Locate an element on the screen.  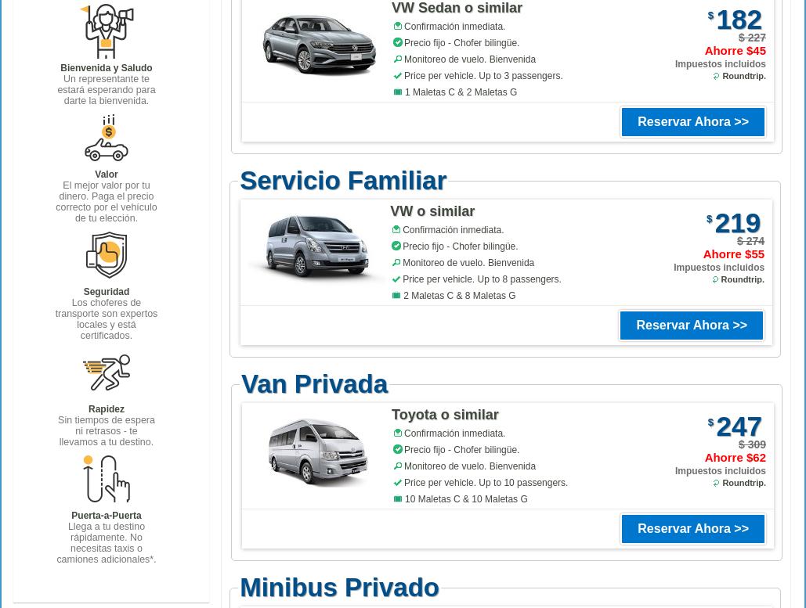
'Un representante te estará esperando para darte la bienvenida.' is located at coordinates (105, 89).